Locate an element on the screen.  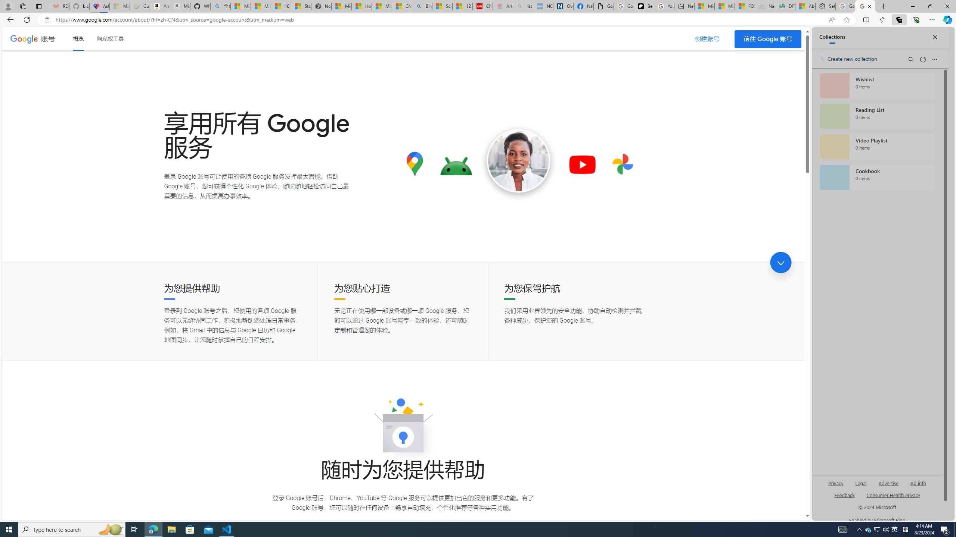
'FOX News - MSN' is located at coordinates (744, 6).